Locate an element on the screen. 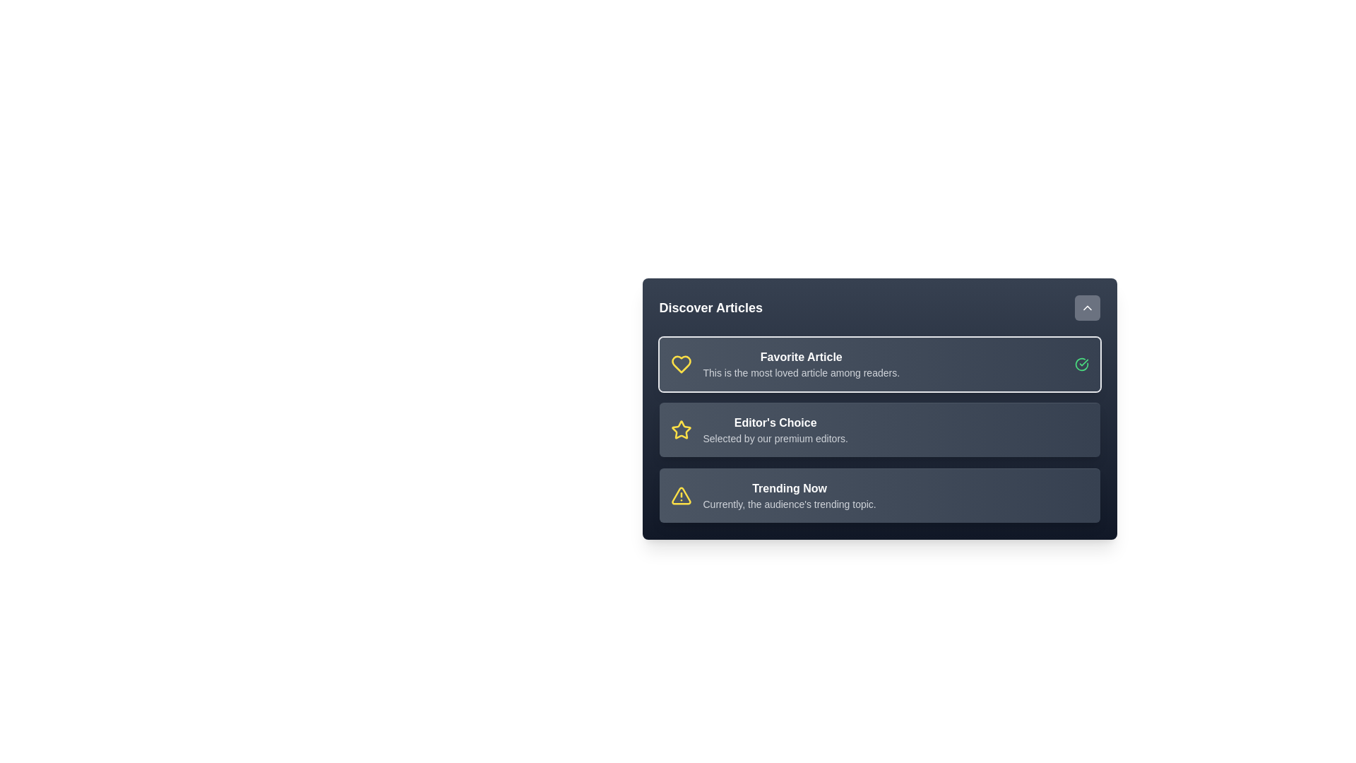 The width and height of the screenshot is (1356, 763). the article titled Editor's Choice is located at coordinates (879, 429).